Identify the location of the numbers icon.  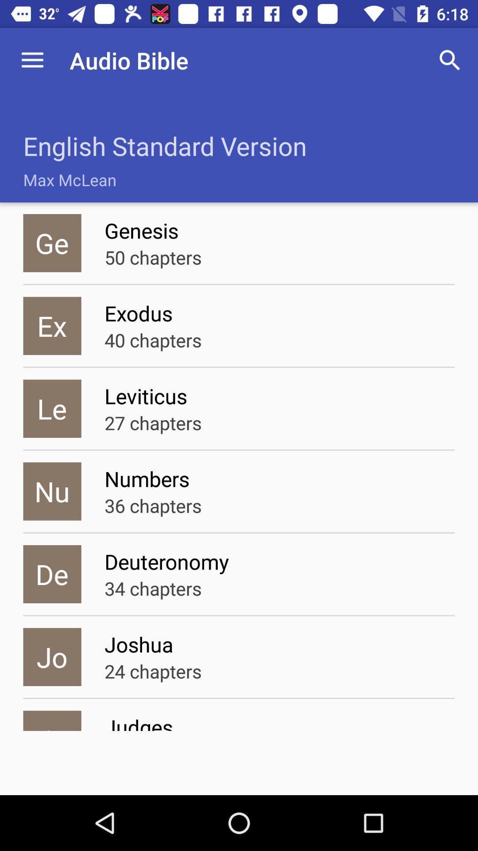
(279, 478).